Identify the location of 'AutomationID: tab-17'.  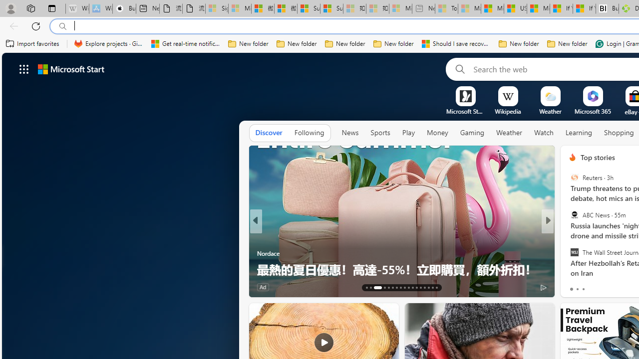
(388, 288).